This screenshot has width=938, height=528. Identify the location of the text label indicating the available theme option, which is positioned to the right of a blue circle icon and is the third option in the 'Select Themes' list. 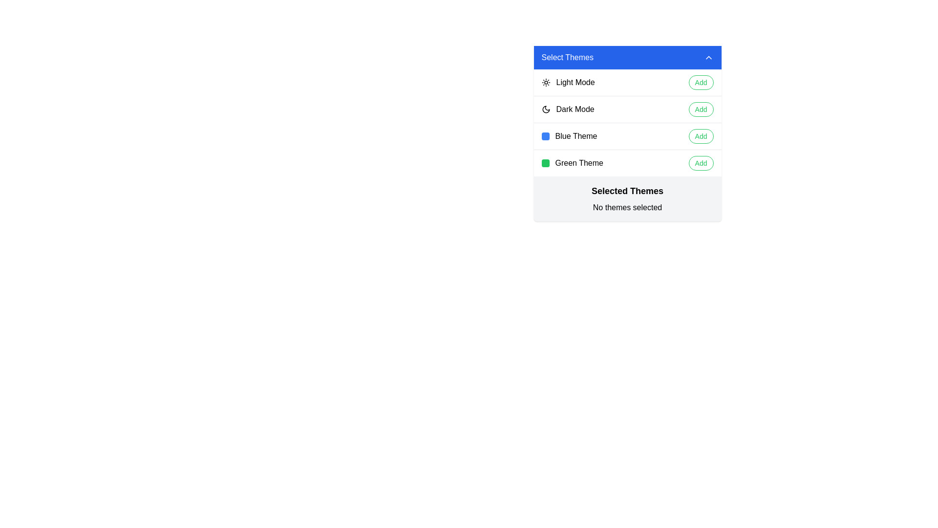
(576, 136).